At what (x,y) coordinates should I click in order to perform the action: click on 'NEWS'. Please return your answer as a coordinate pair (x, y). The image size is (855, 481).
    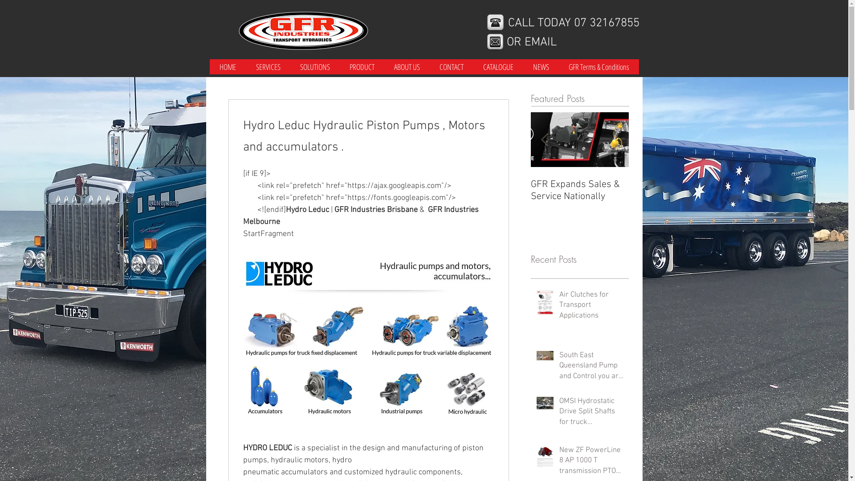
    Looking at the image, I should click on (540, 66).